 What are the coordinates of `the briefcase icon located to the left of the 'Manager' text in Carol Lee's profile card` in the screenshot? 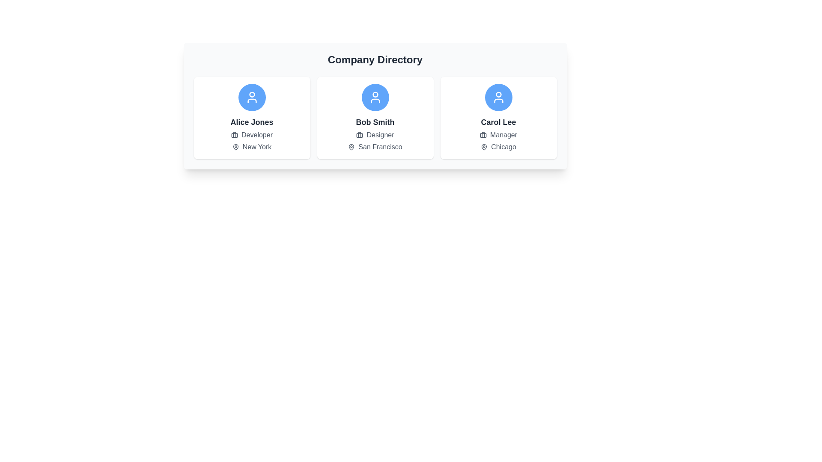 It's located at (483, 135).